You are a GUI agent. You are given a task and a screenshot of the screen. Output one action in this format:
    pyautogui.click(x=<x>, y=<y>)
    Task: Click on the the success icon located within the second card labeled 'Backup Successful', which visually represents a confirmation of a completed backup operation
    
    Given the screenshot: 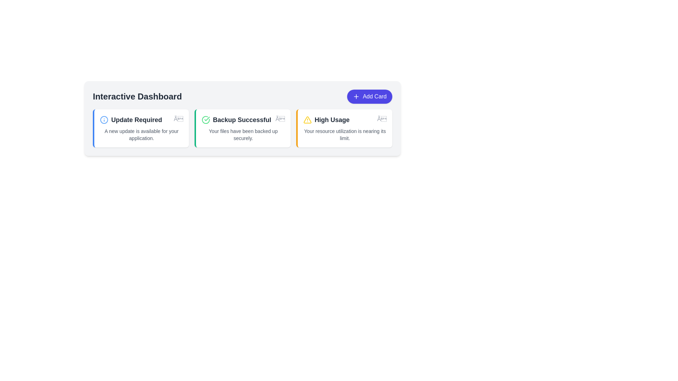 What is the action you would take?
    pyautogui.click(x=207, y=118)
    